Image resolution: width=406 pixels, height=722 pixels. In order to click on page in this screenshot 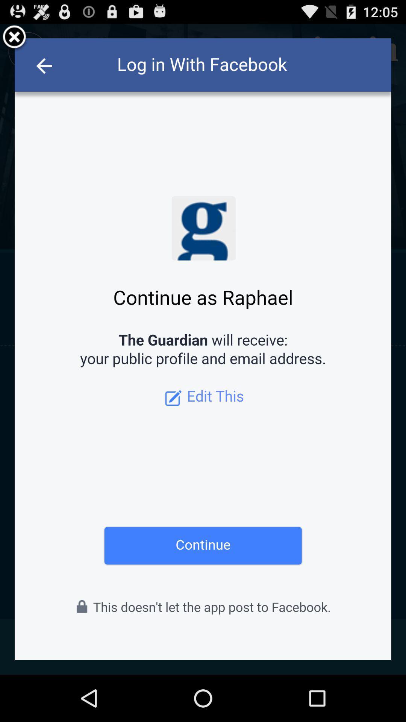, I will do `click(14, 38)`.